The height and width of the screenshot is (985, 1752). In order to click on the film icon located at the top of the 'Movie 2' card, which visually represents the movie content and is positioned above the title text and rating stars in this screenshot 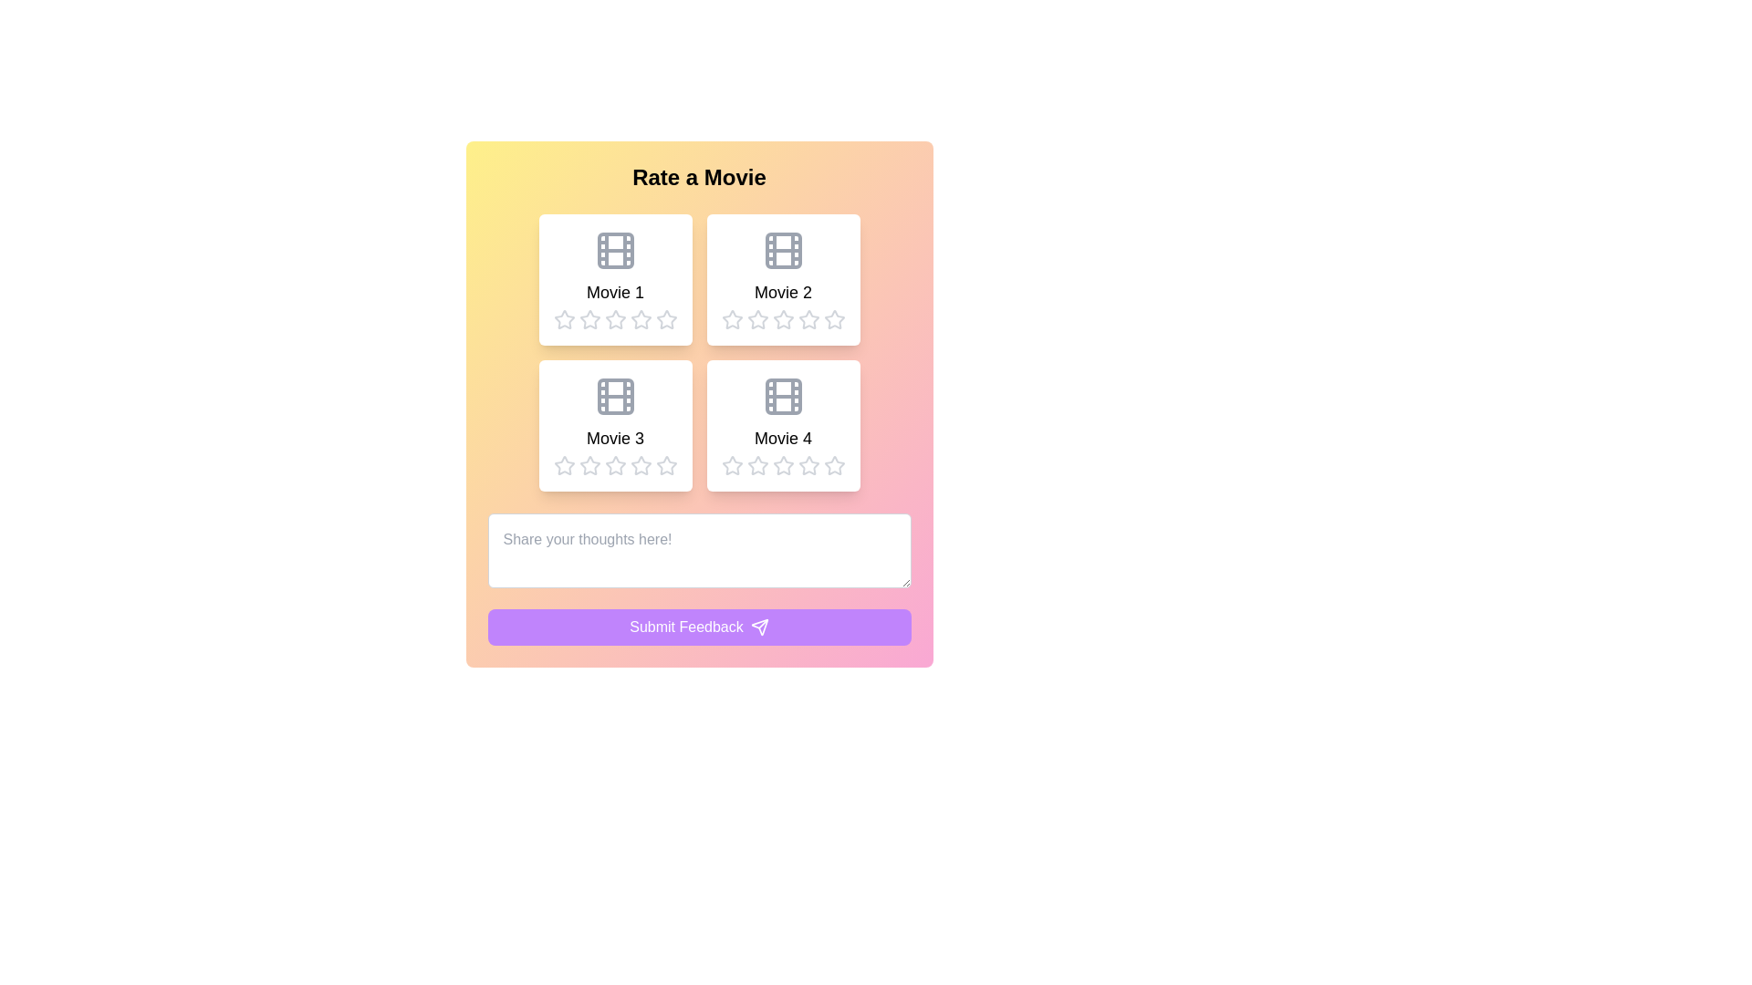, I will do `click(783, 250)`.